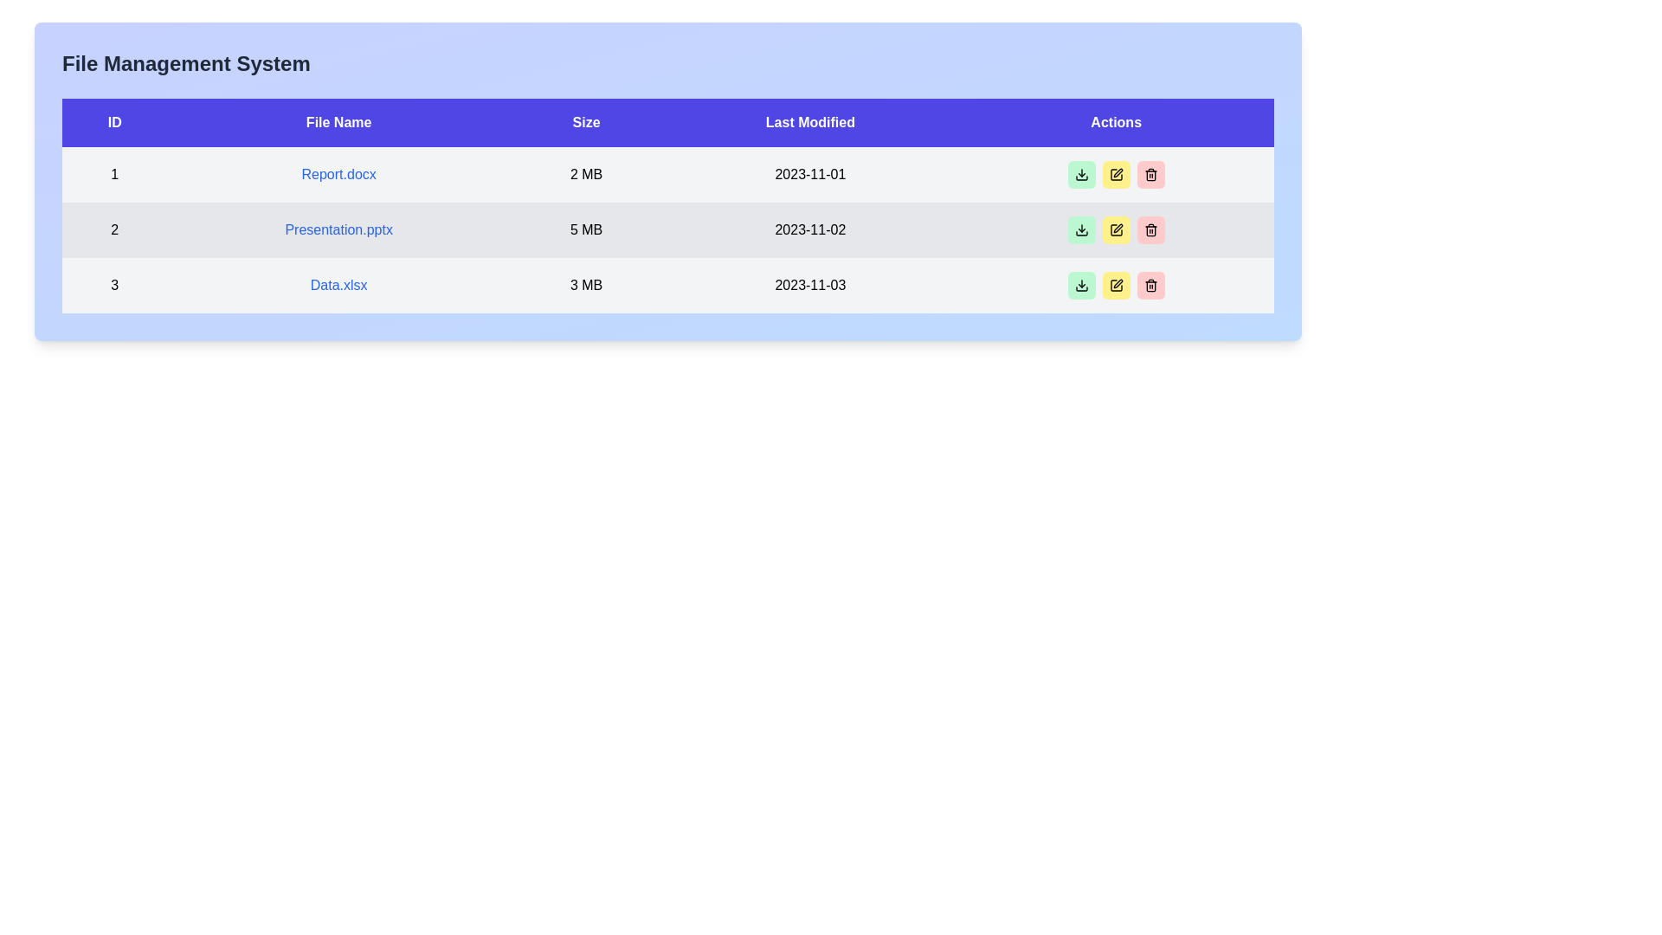 Image resolution: width=1662 pixels, height=935 pixels. I want to click on the pen-shaped IconButton in the 'Actions' column of the file management table, specifically in the second row for 'Presentation.pptx', so click(1116, 174).